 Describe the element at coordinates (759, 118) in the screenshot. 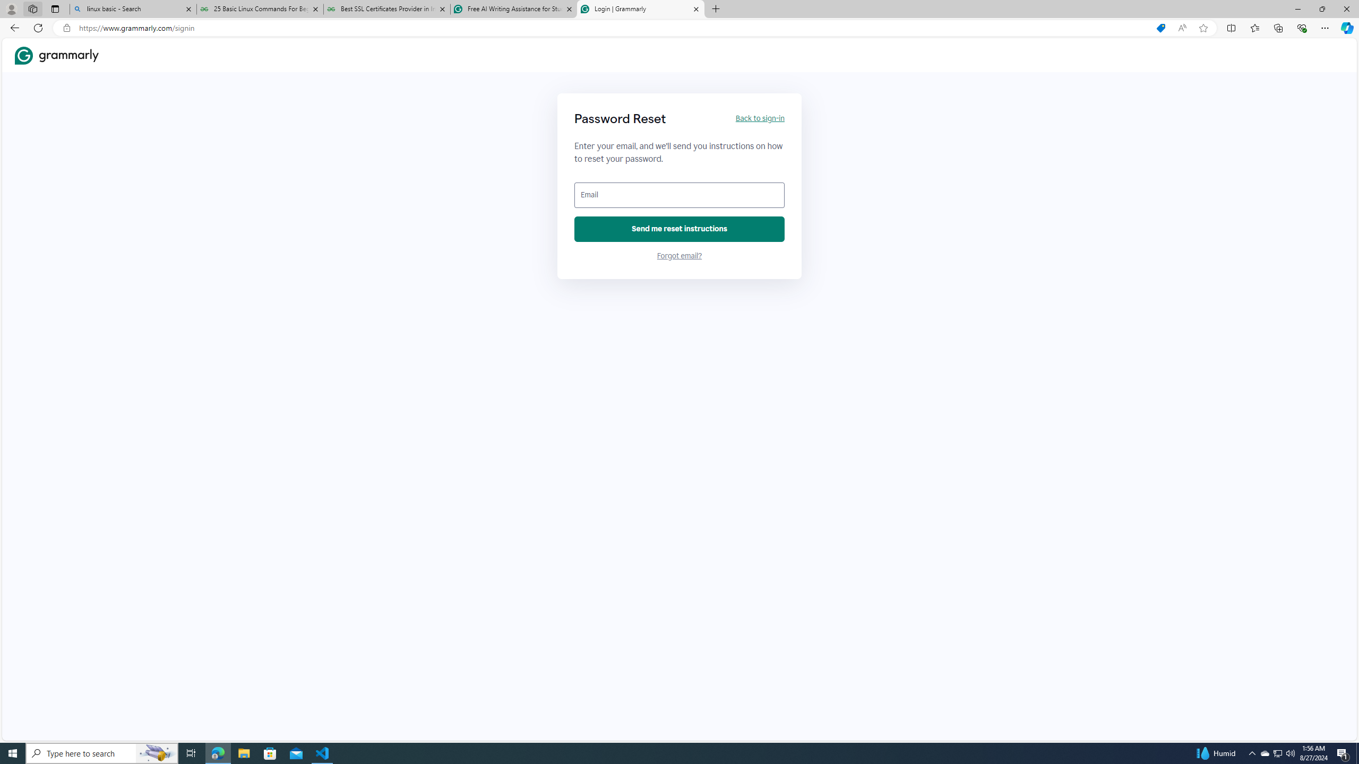

I see `'Back to sign-in'` at that location.